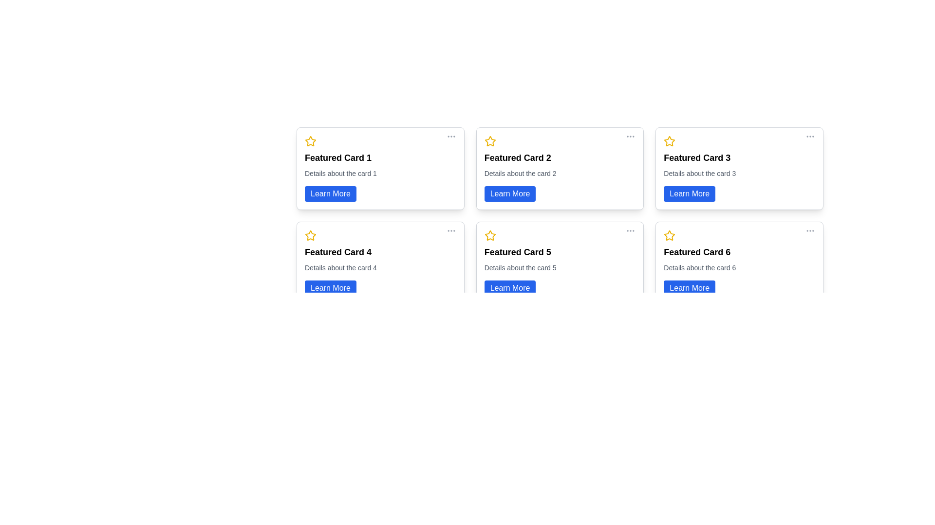 The width and height of the screenshot is (935, 525). Describe the element at coordinates (517, 157) in the screenshot. I see `the text label displaying 'Featured Card 2', which is centrally positioned within the second card of a grid layout and prominently styled in bold black font` at that location.